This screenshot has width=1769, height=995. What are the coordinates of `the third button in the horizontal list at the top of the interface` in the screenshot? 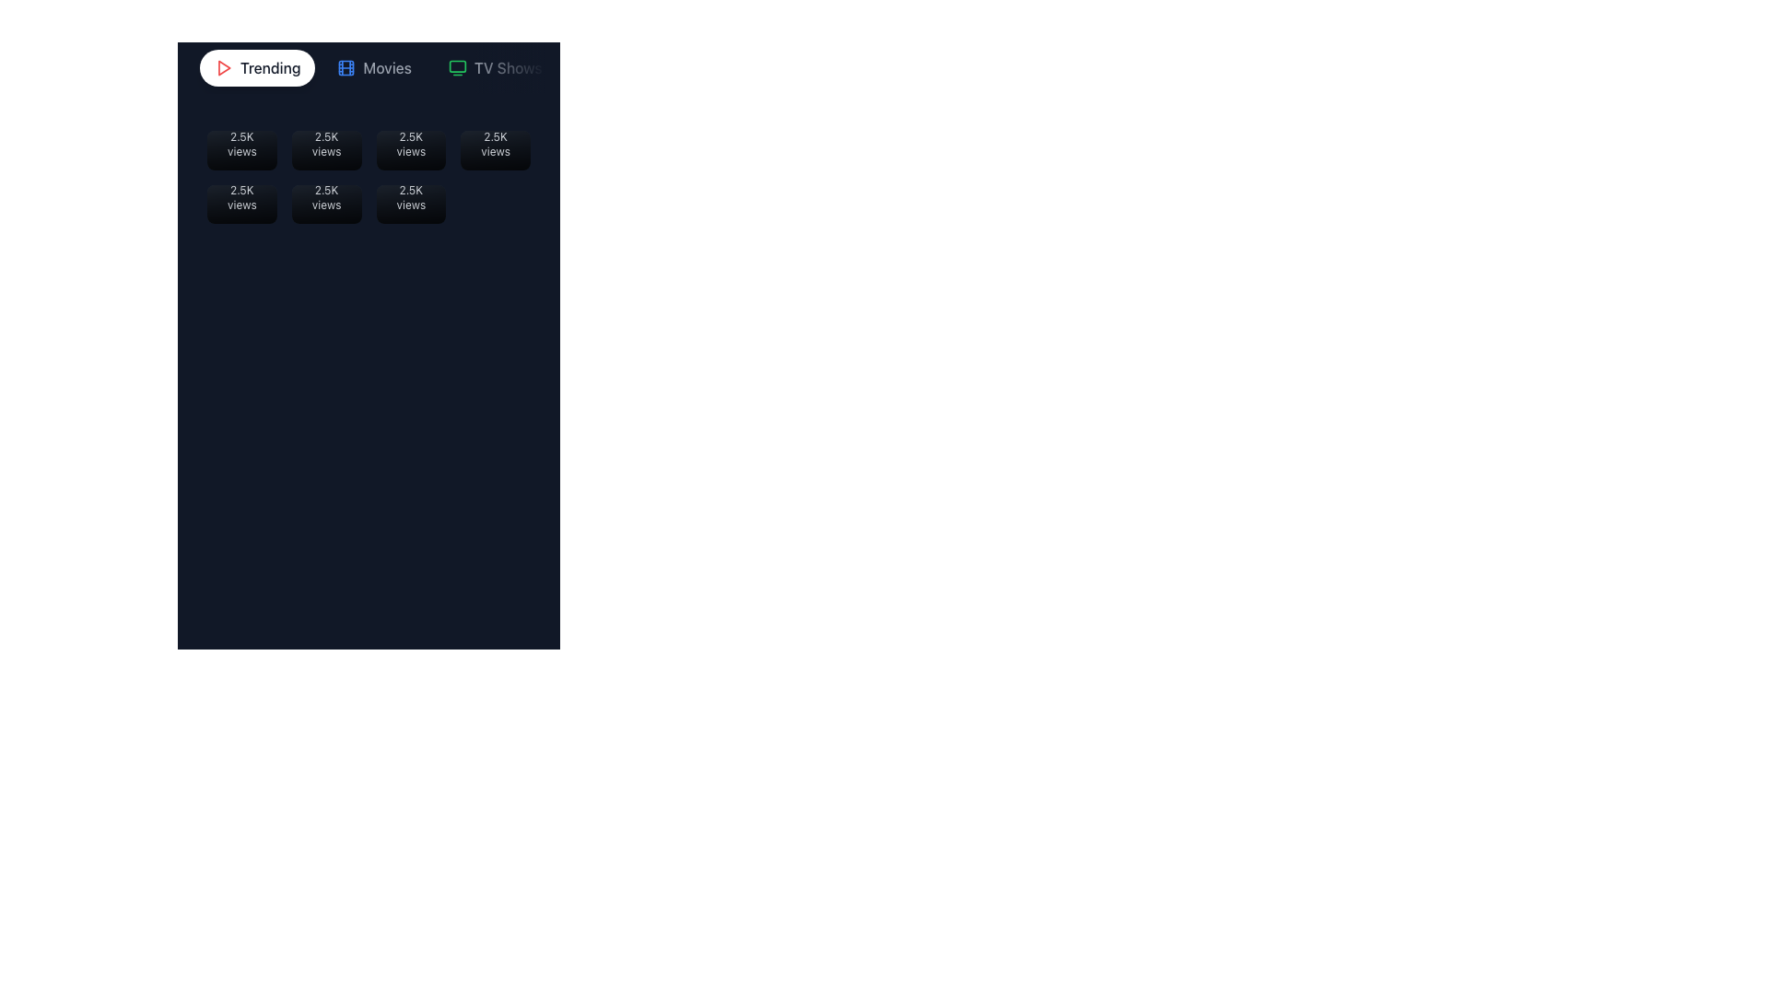 It's located at (495, 66).